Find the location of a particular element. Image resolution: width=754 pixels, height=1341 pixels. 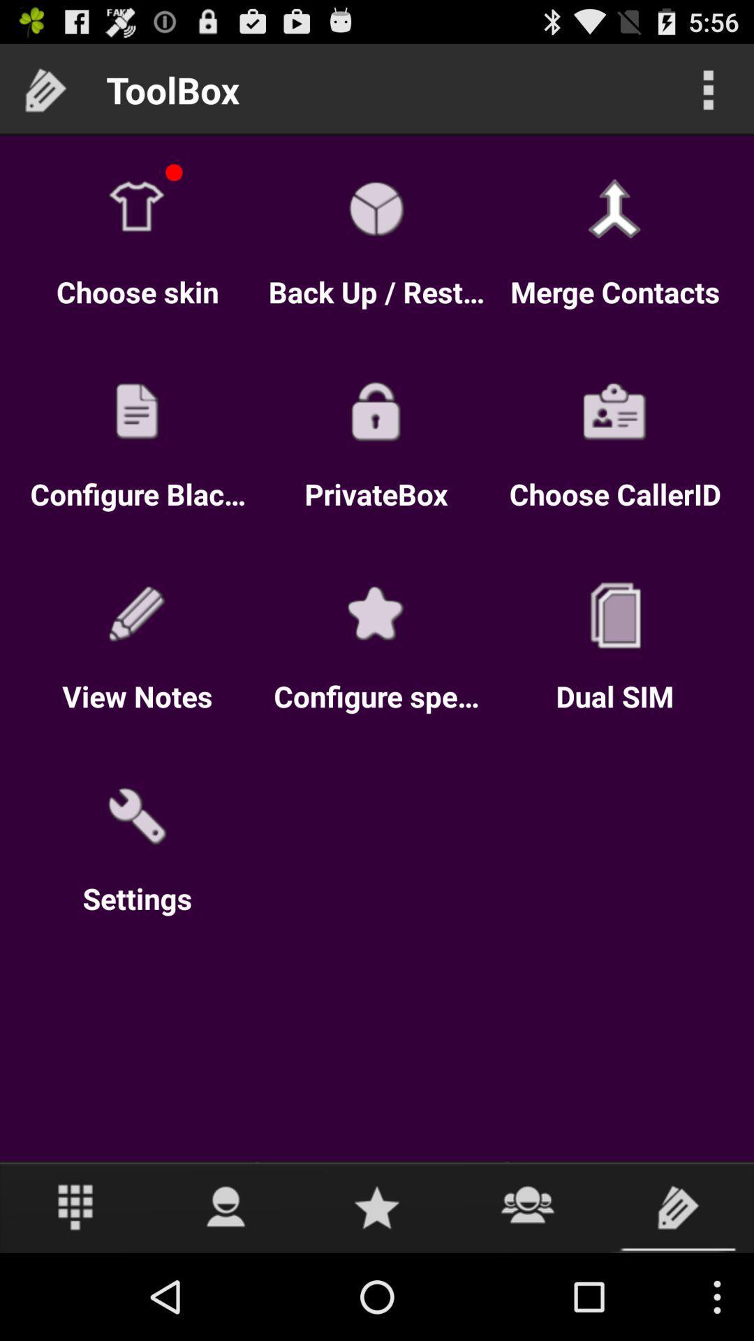

the group icon is located at coordinates (528, 1291).